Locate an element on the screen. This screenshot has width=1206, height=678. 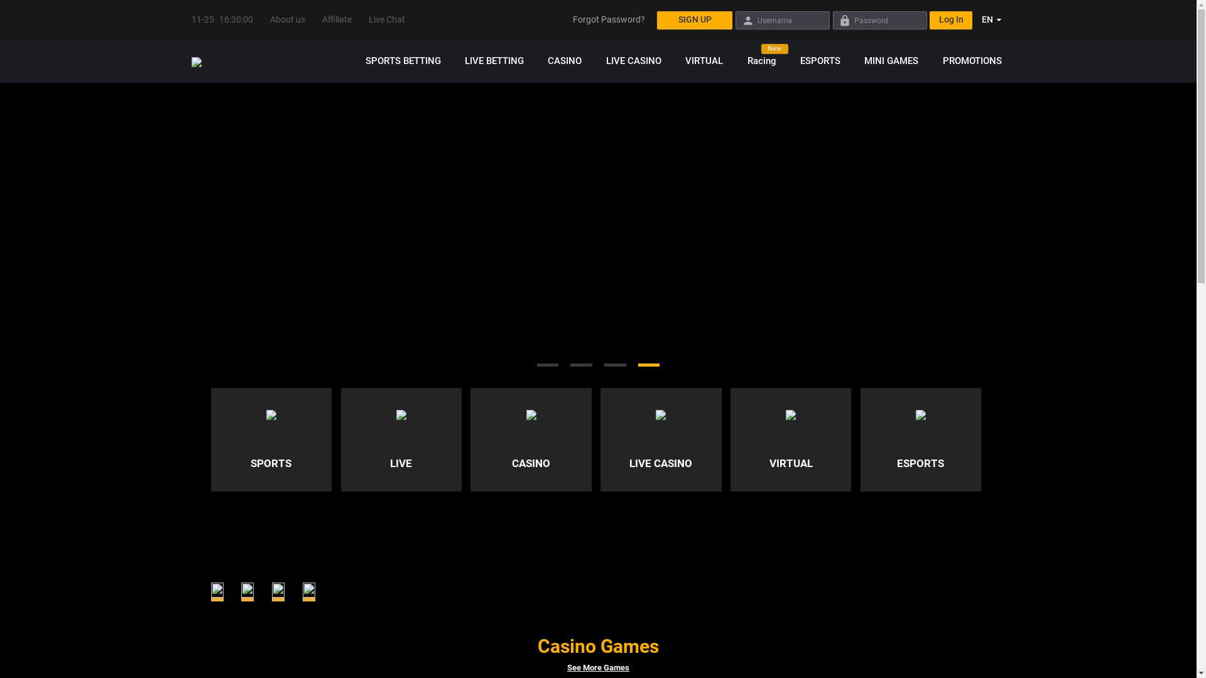
'SIGN UP' is located at coordinates (693, 20).